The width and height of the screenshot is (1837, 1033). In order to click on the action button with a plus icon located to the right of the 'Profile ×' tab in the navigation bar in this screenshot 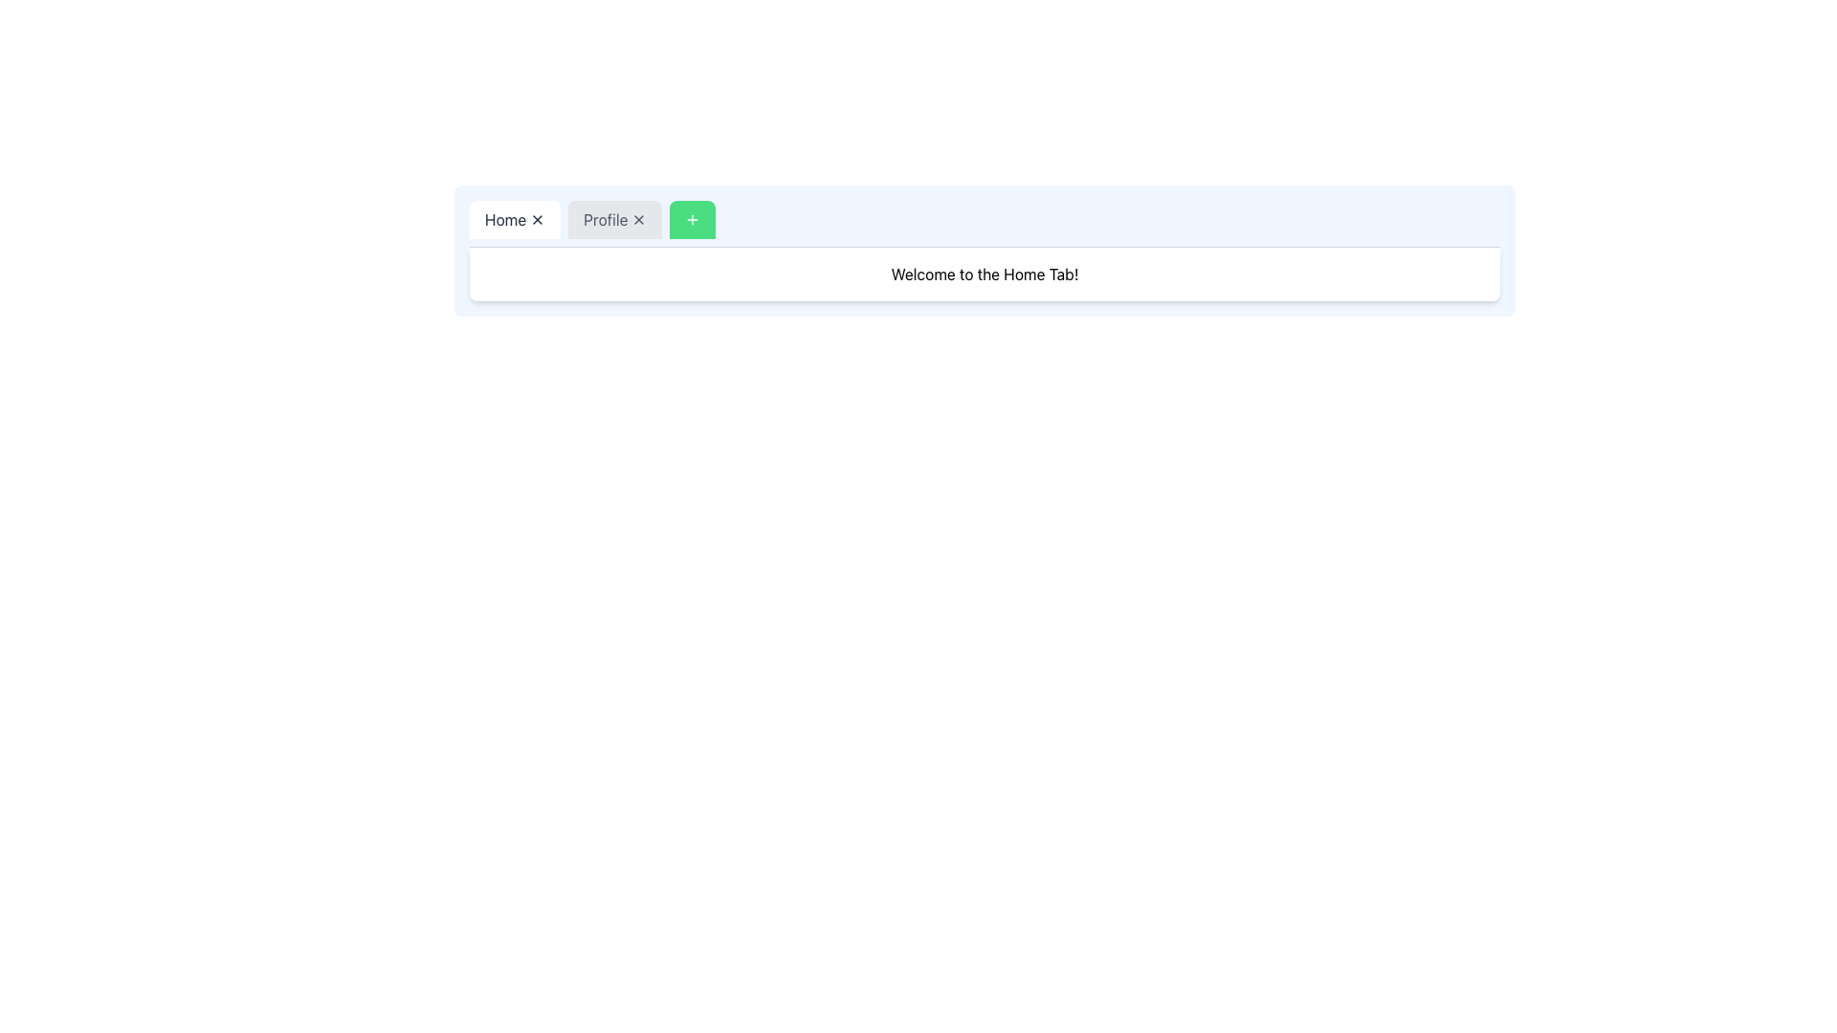, I will do `click(692, 219)`.